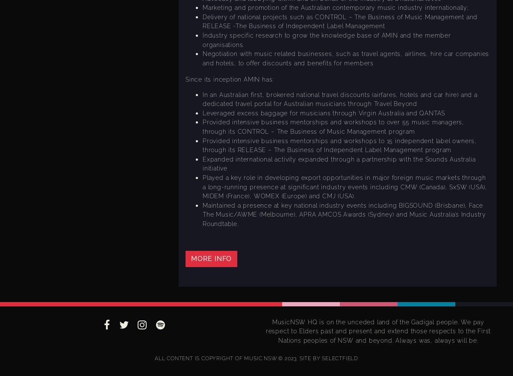 The height and width of the screenshot is (376, 513). Describe the element at coordinates (202, 214) in the screenshot. I see `'Maintained a presence at key national industry events including BIGSOUND (Brisbane), Face The Music/AWME (Melbourne), APRA AMCOS Awards (Sydney) and Music Australia’s Industry Roundtable.'` at that location.